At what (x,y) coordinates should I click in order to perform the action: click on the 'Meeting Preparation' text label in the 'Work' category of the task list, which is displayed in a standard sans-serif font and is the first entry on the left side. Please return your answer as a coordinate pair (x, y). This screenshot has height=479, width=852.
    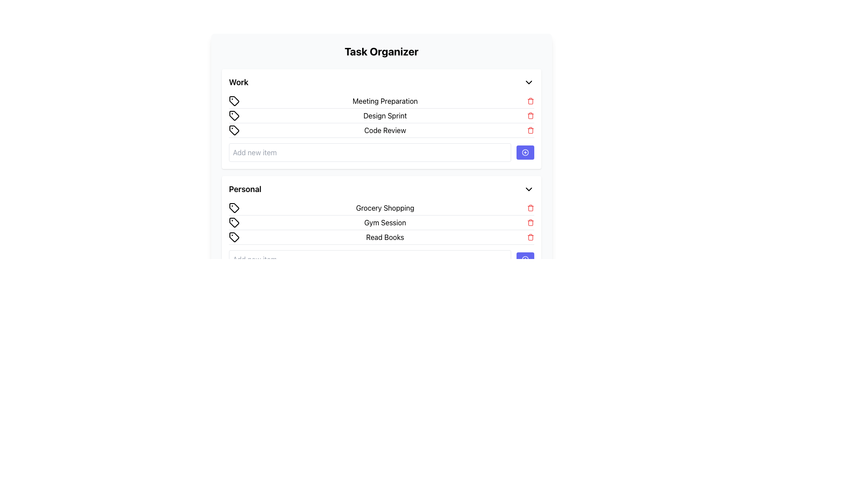
    Looking at the image, I should click on (385, 100).